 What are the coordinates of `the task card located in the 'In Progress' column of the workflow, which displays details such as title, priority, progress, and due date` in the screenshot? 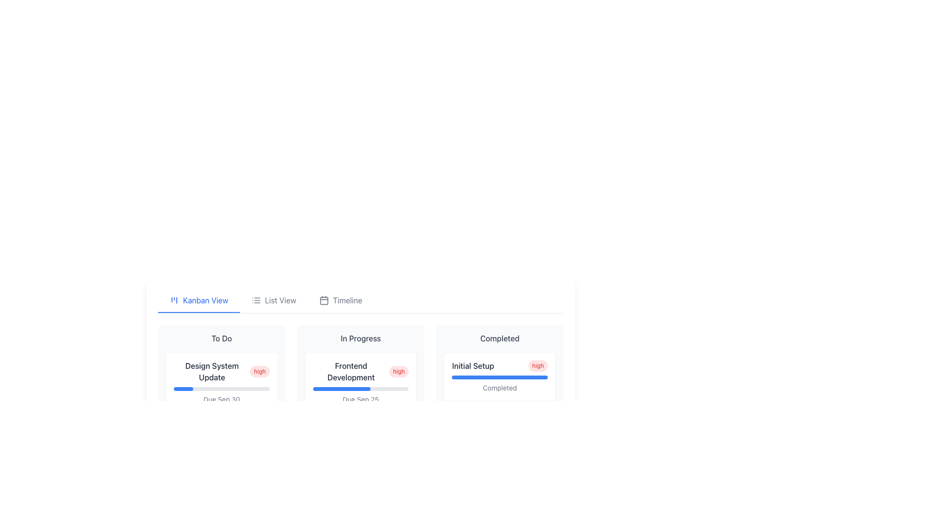 It's located at (360, 384).